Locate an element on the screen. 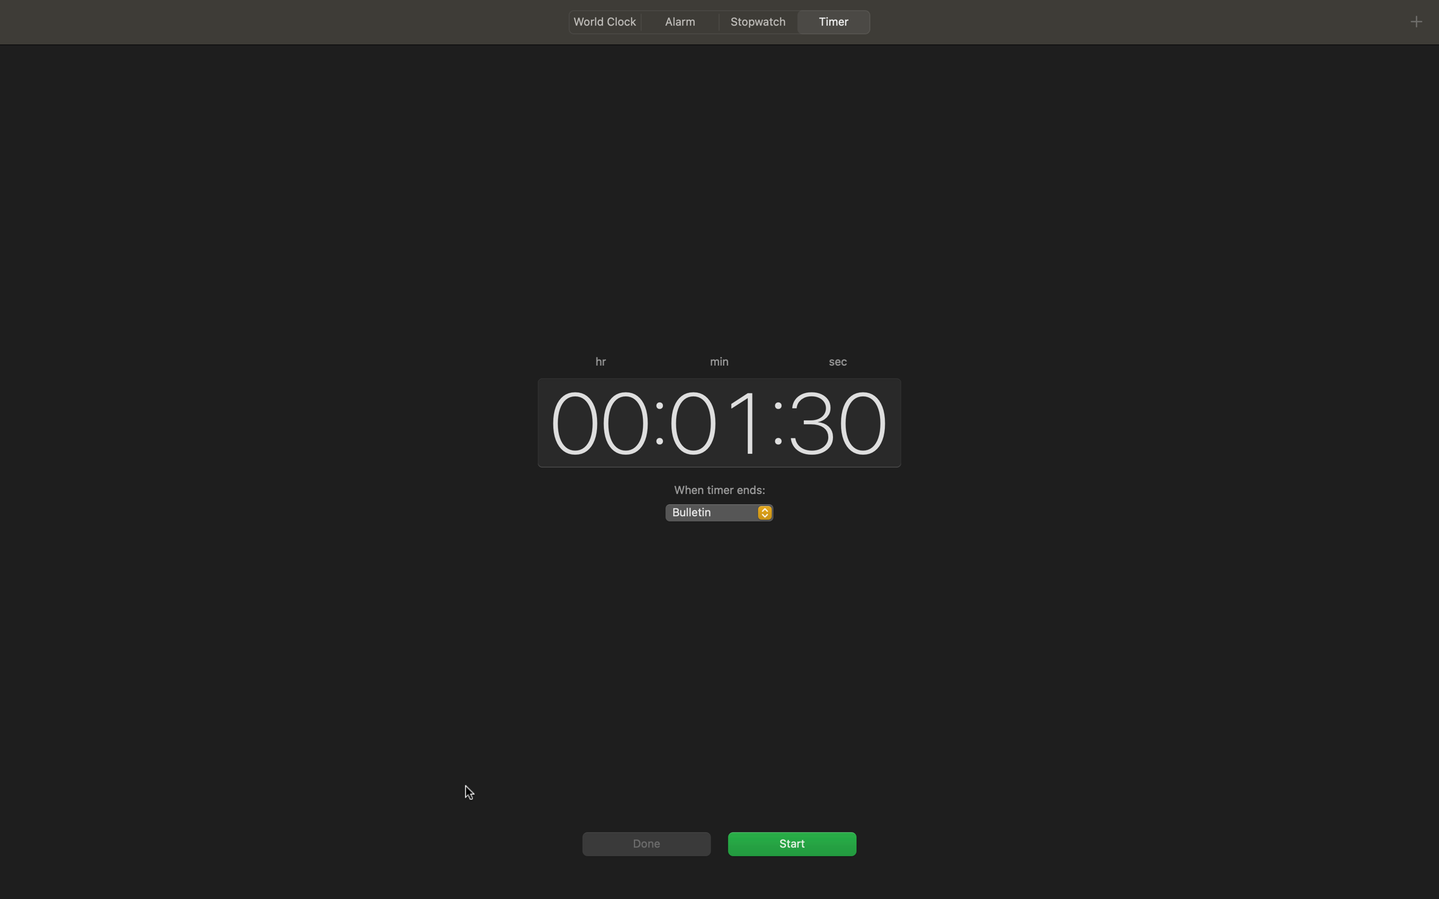  Adjust the time seconds count to 45 is located at coordinates (839, 419).